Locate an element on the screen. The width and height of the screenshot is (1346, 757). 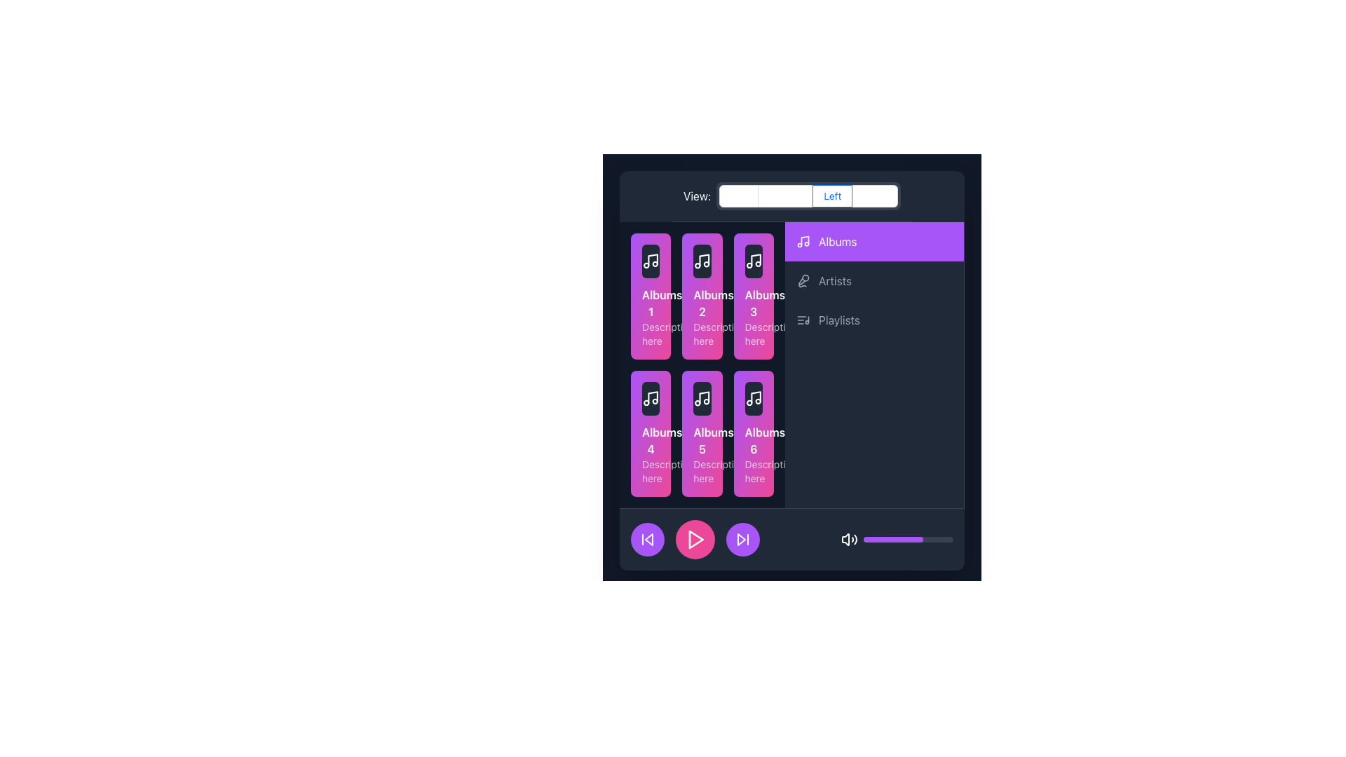
the 'Albums 1' text label, which is displayed in bold white font on a gradient pink-purple background is located at coordinates (650, 302).